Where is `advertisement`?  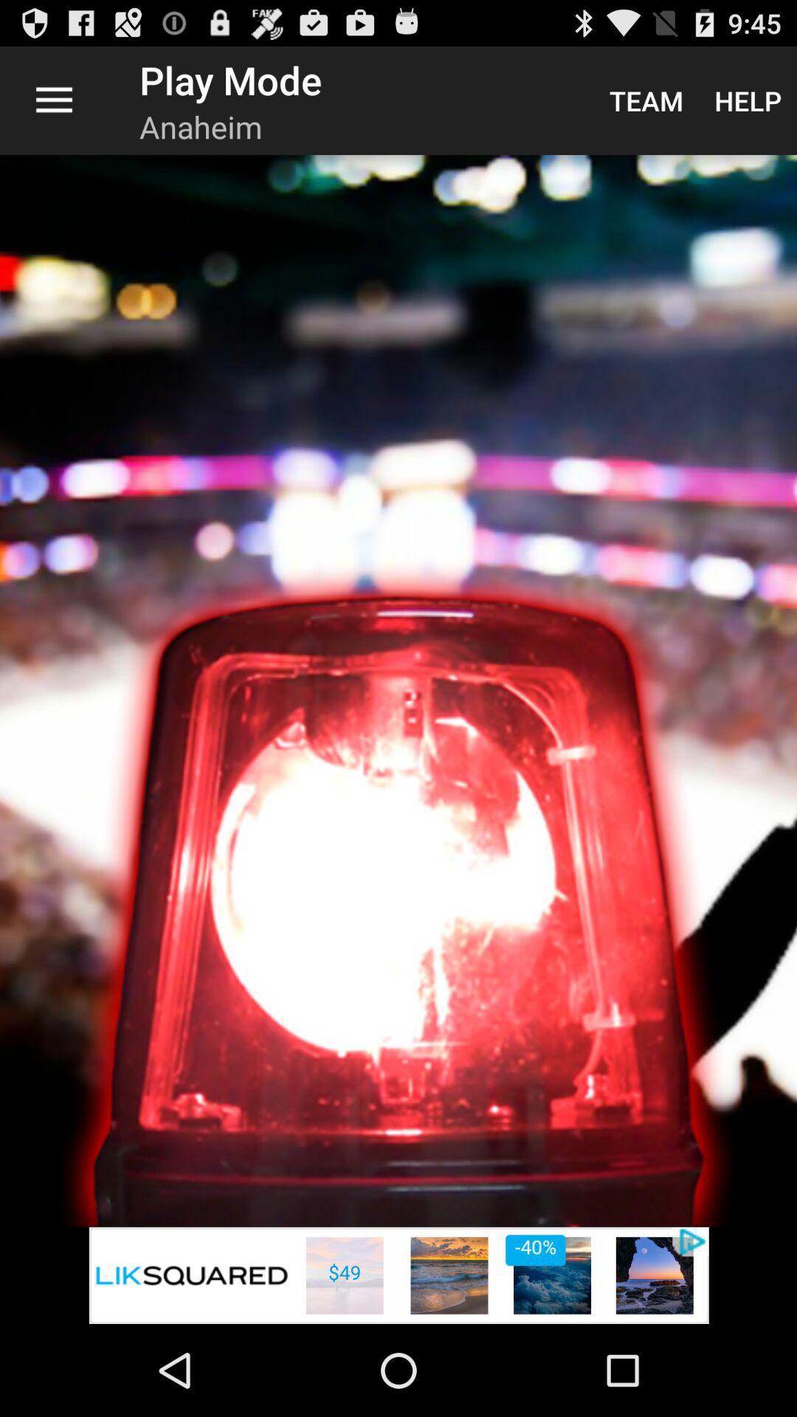
advertisement is located at coordinates (398, 1275).